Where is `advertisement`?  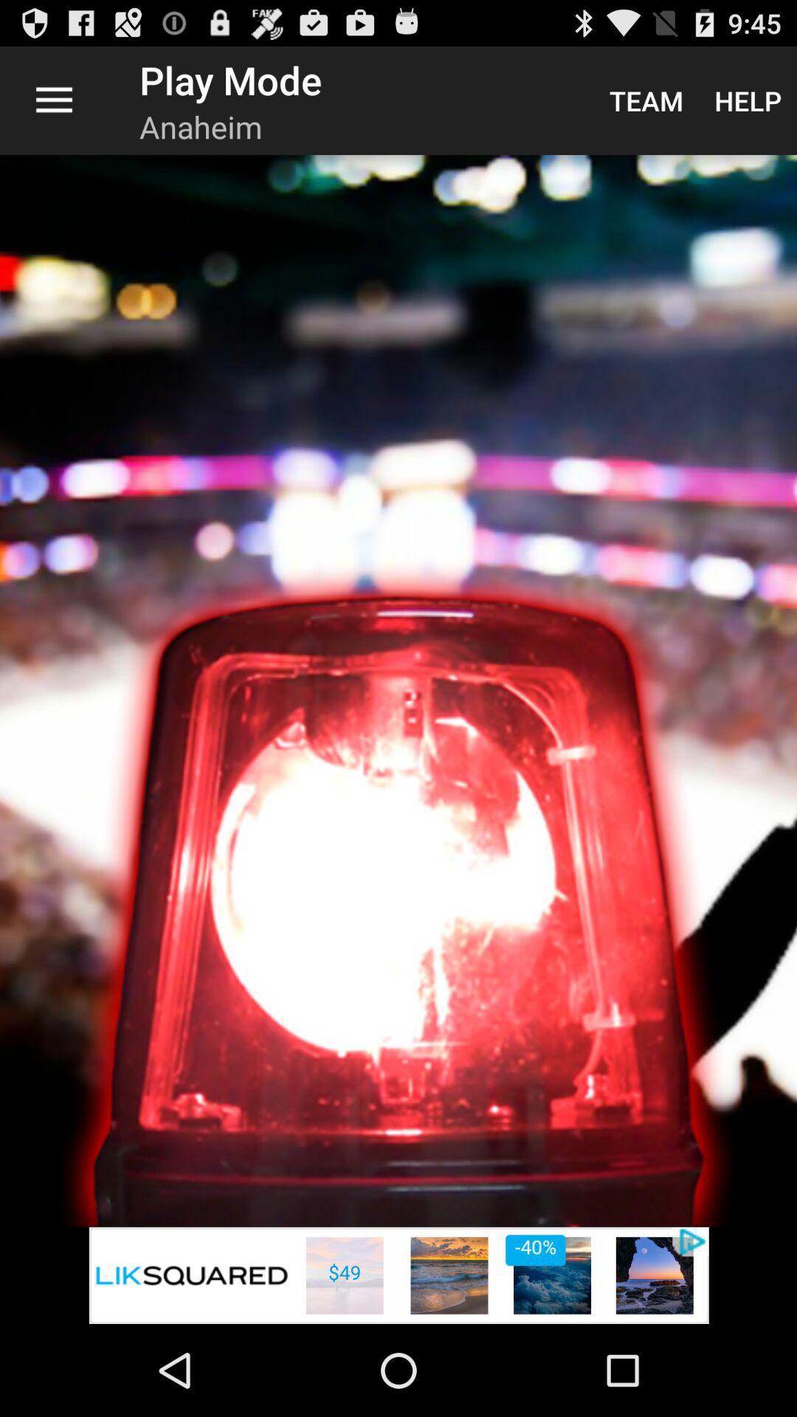
advertisement is located at coordinates (398, 1275).